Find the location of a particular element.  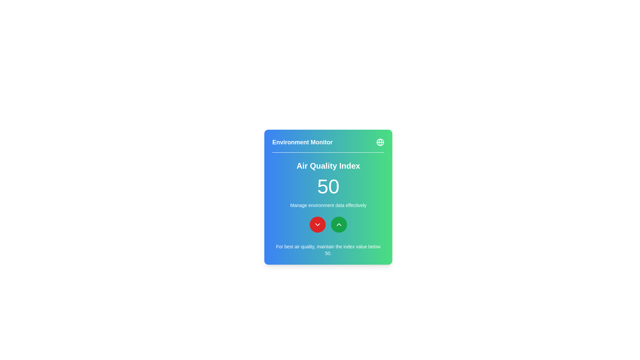

the upward-pointing chevron icon inside the round button located at the bottom center of the card layout is located at coordinates (339, 225).